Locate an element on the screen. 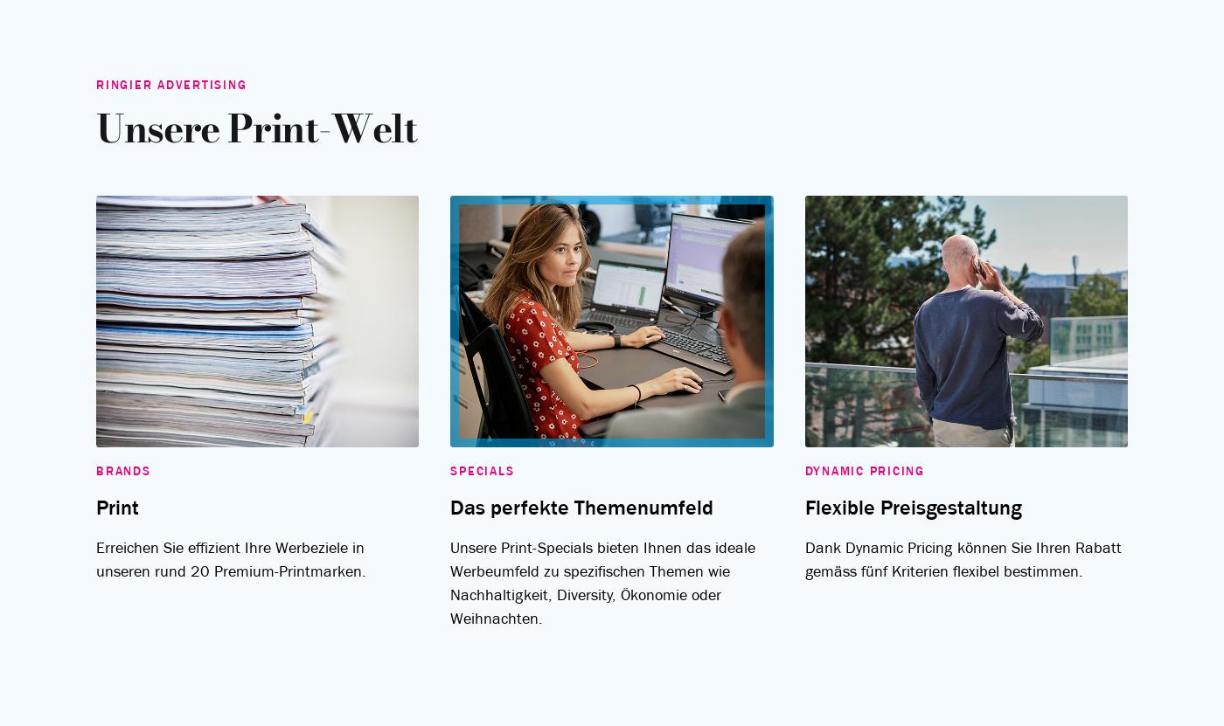 The height and width of the screenshot is (726, 1224). 'Melden Sie sich für unseren Newsletter an und bleiben Sie über aktuelle Angebote, Produktneuheiten und weitere News informiert.' is located at coordinates (611, 121).